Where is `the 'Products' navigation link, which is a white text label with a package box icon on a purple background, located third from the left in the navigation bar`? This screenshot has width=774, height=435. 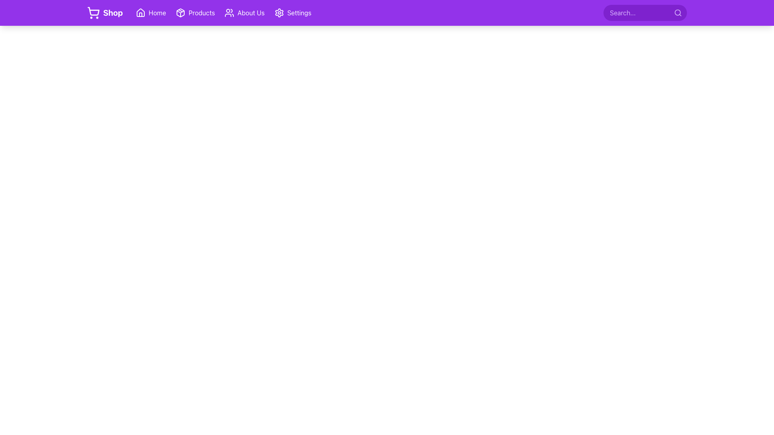 the 'Products' navigation link, which is a white text label with a package box icon on a purple background, located third from the left in the navigation bar is located at coordinates (195, 12).